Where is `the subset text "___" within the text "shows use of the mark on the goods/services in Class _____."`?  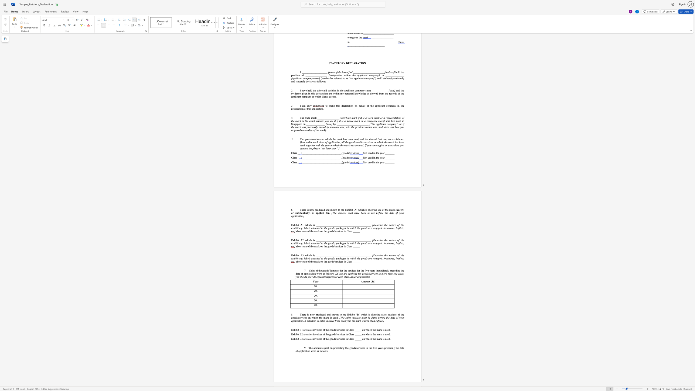 the subset text "___" within the text "shows use of the mark on the goods/services in Class _____." is located at coordinates (356, 261).